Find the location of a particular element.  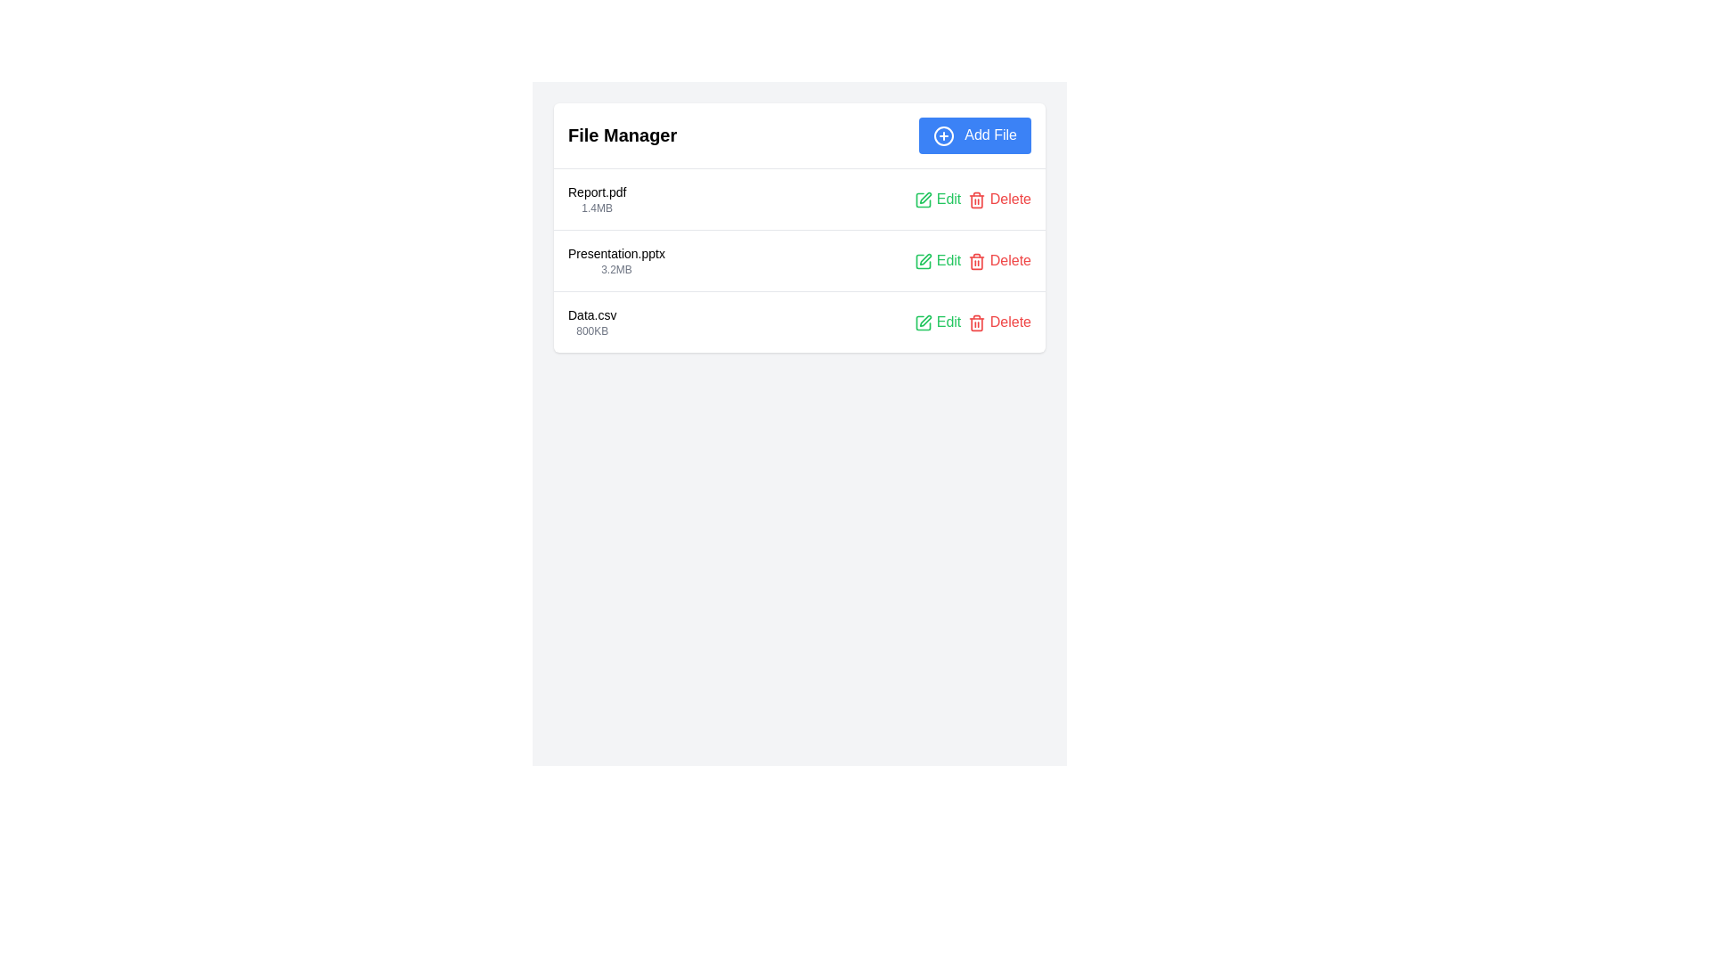

the edit icon for the 'Presentation.pptx' file is located at coordinates (925, 259).